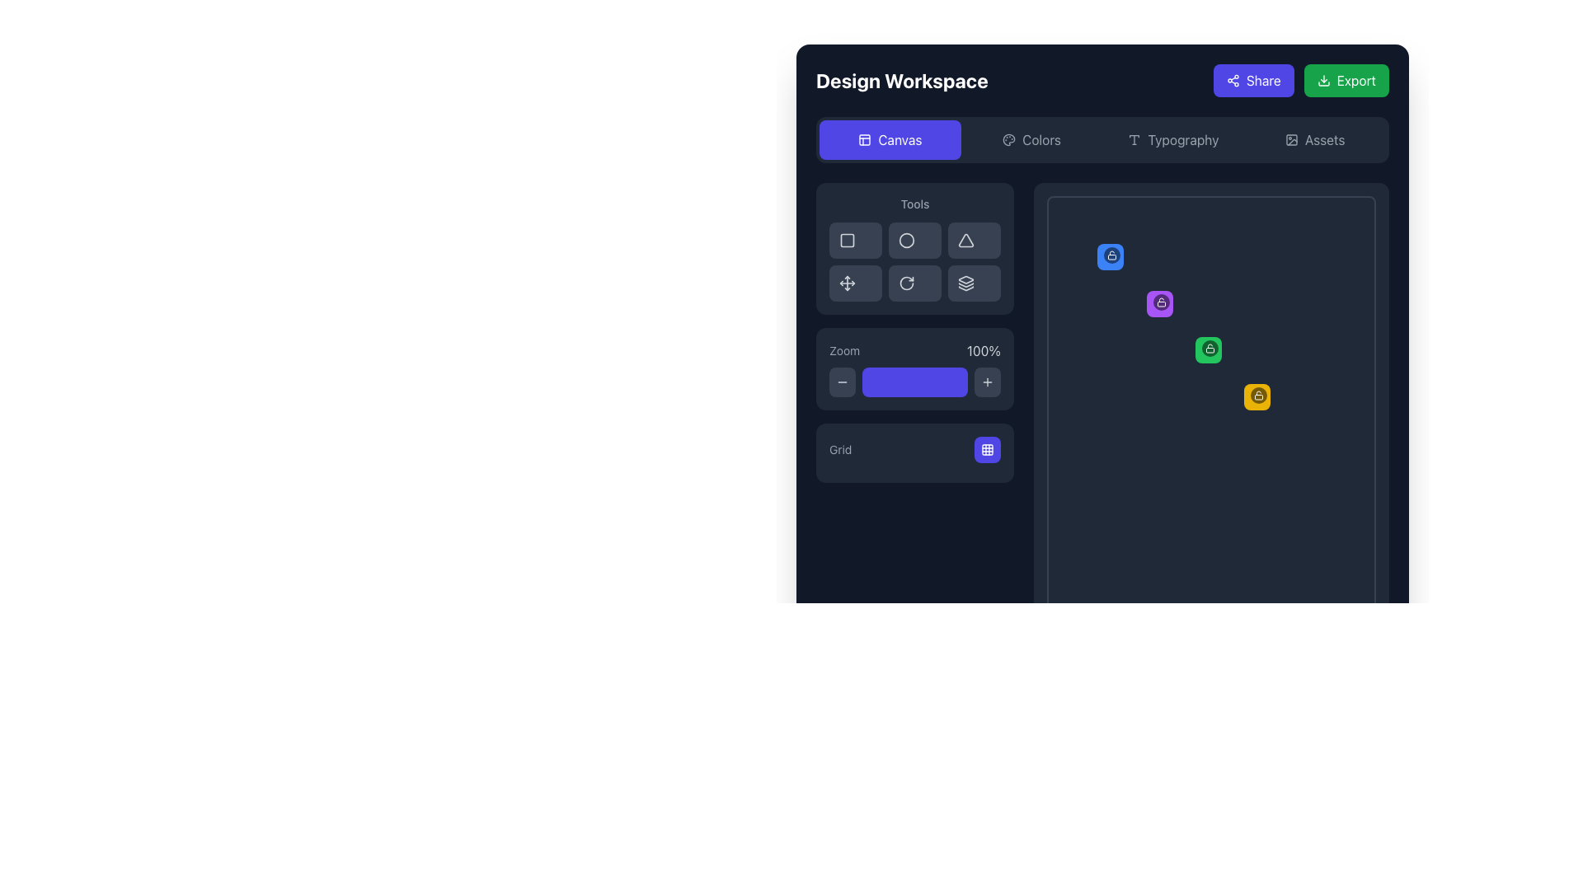  I want to click on the third icon in the 'Tools' section of the interface, which resembles a thin, layered icon, so click(965, 288).